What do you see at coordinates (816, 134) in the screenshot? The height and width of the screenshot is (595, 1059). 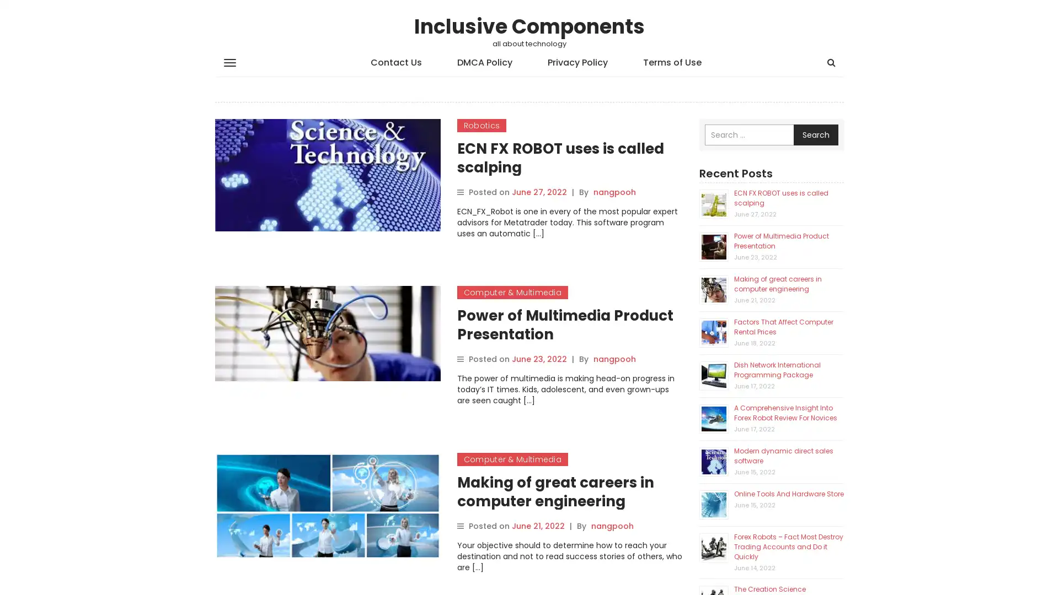 I see `Search` at bounding box center [816, 134].